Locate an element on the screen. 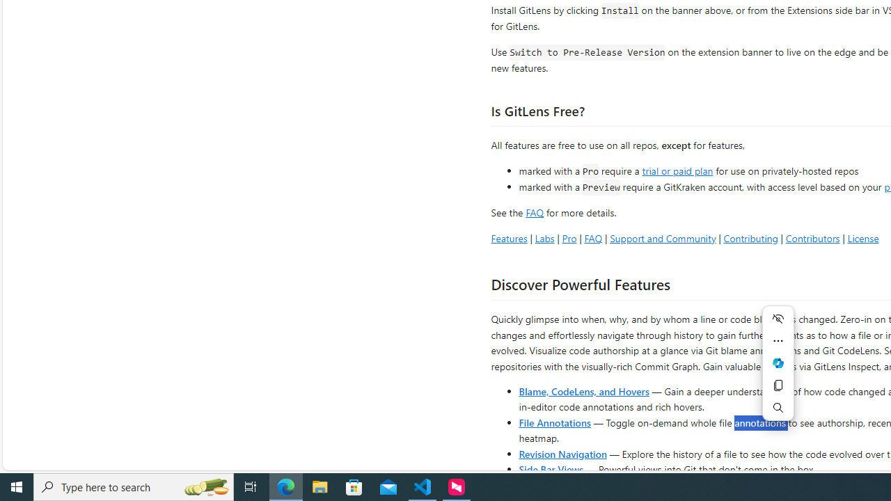 The width and height of the screenshot is (891, 501). 'License' is located at coordinates (862, 237).